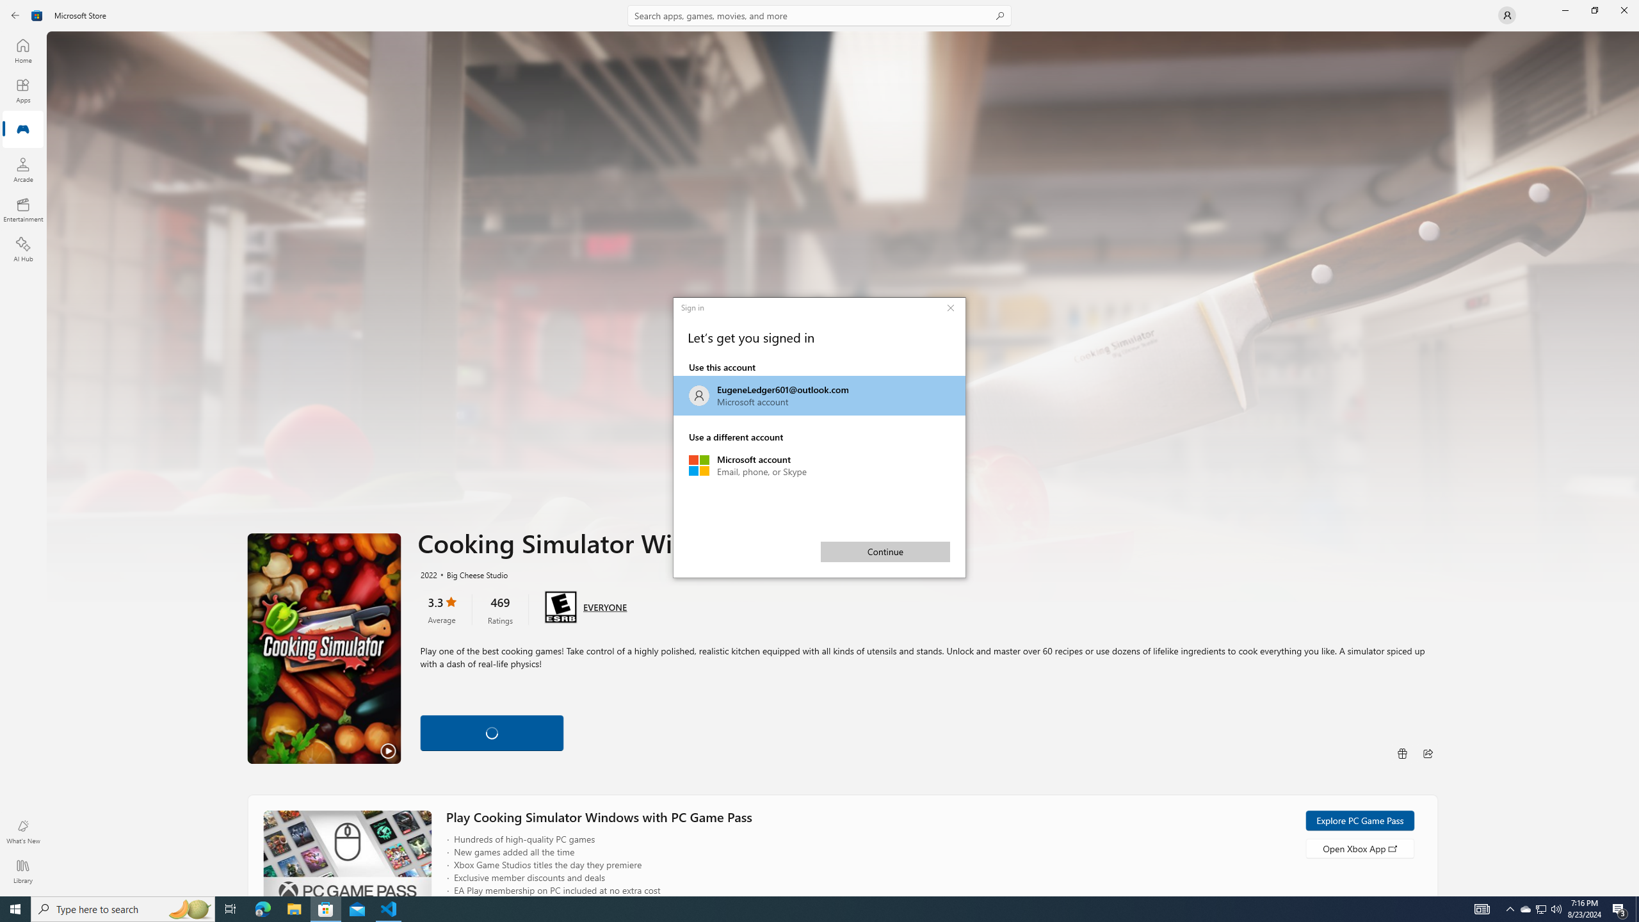  What do you see at coordinates (1506, 14) in the screenshot?
I see `'User profile'` at bounding box center [1506, 14].